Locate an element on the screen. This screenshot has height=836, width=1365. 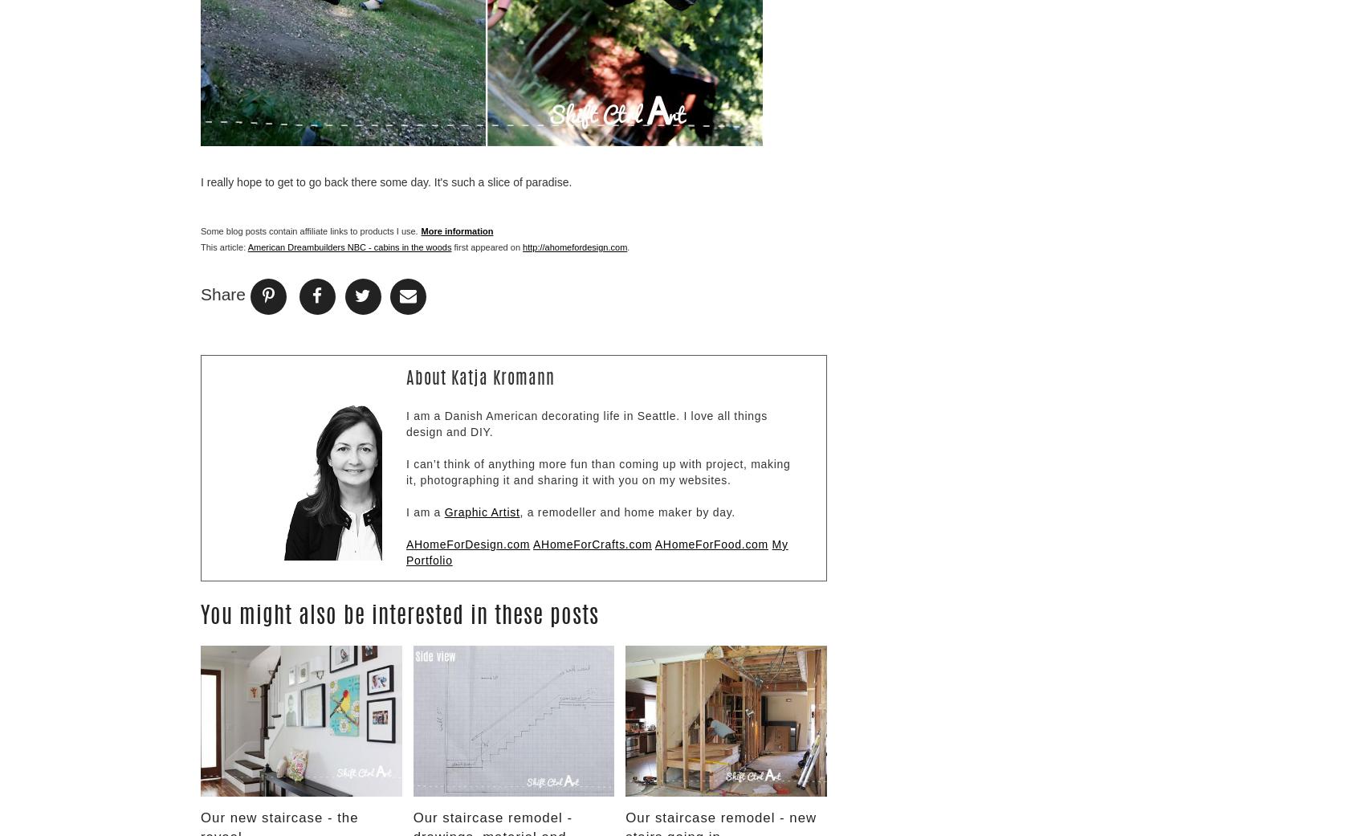
'Graphic Artist' is located at coordinates (480, 510).